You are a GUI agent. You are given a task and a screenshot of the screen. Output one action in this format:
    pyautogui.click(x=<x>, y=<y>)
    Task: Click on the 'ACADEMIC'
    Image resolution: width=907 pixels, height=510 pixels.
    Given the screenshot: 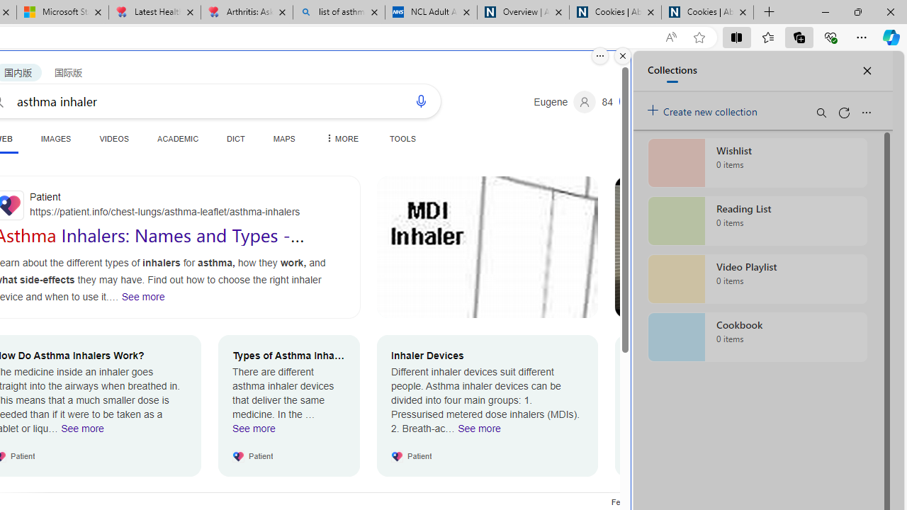 What is the action you would take?
    pyautogui.click(x=177, y=138)
    